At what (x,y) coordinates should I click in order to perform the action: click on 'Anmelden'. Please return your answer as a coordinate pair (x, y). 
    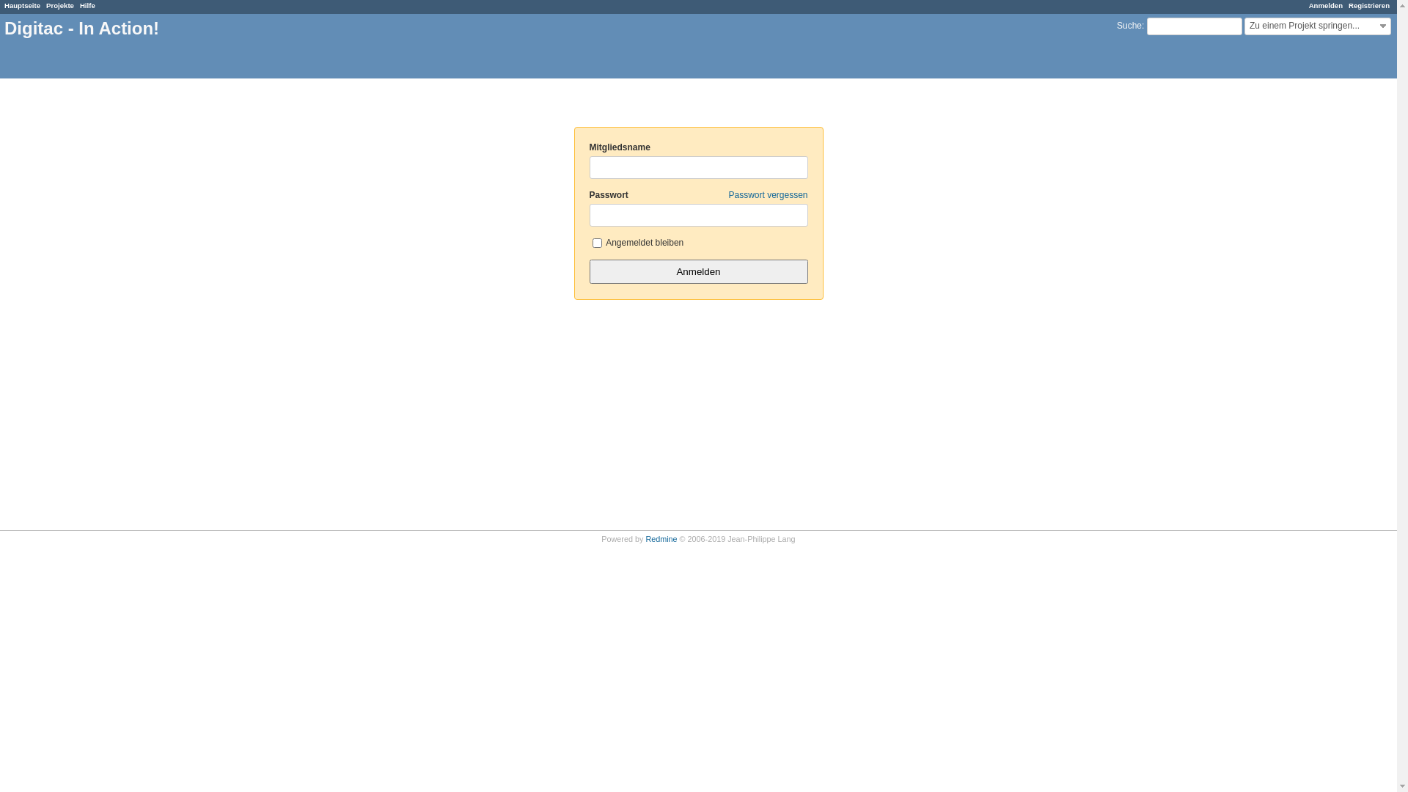
    Looking at the image, I should click on (1326, 5).